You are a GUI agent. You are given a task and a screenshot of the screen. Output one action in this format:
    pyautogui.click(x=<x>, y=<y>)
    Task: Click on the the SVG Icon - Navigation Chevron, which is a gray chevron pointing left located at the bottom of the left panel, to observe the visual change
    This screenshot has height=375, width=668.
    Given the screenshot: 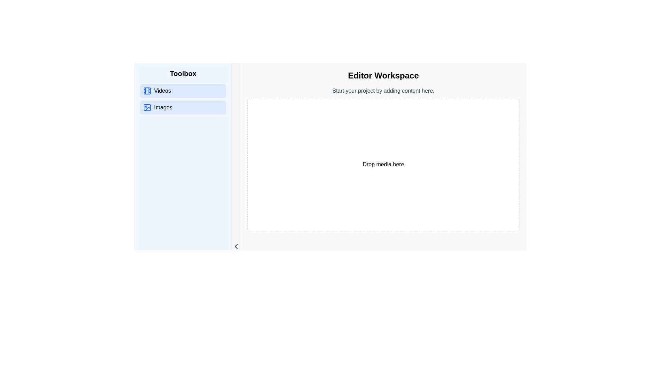 What is the action you would take?
    pyautogui.click(x=236, y=246)
    